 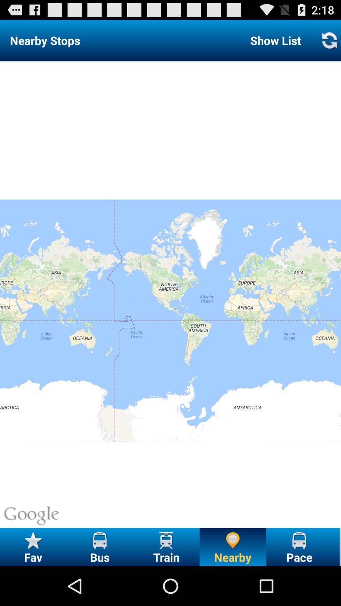 I want to click on refresh the page, so click(x=329, y=40).